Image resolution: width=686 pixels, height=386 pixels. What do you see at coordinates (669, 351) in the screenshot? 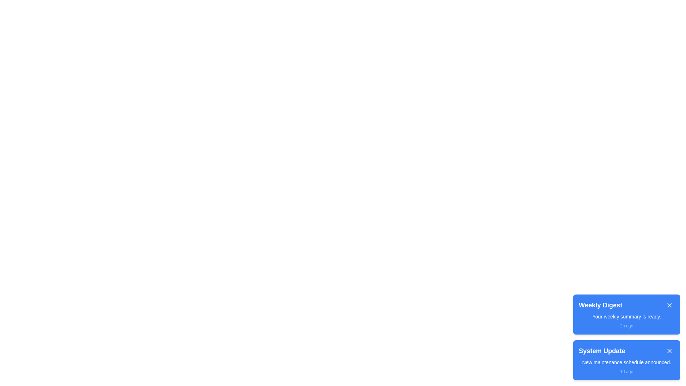
I see `close button of the notification titled System Update` at bounding box center [669, 351].